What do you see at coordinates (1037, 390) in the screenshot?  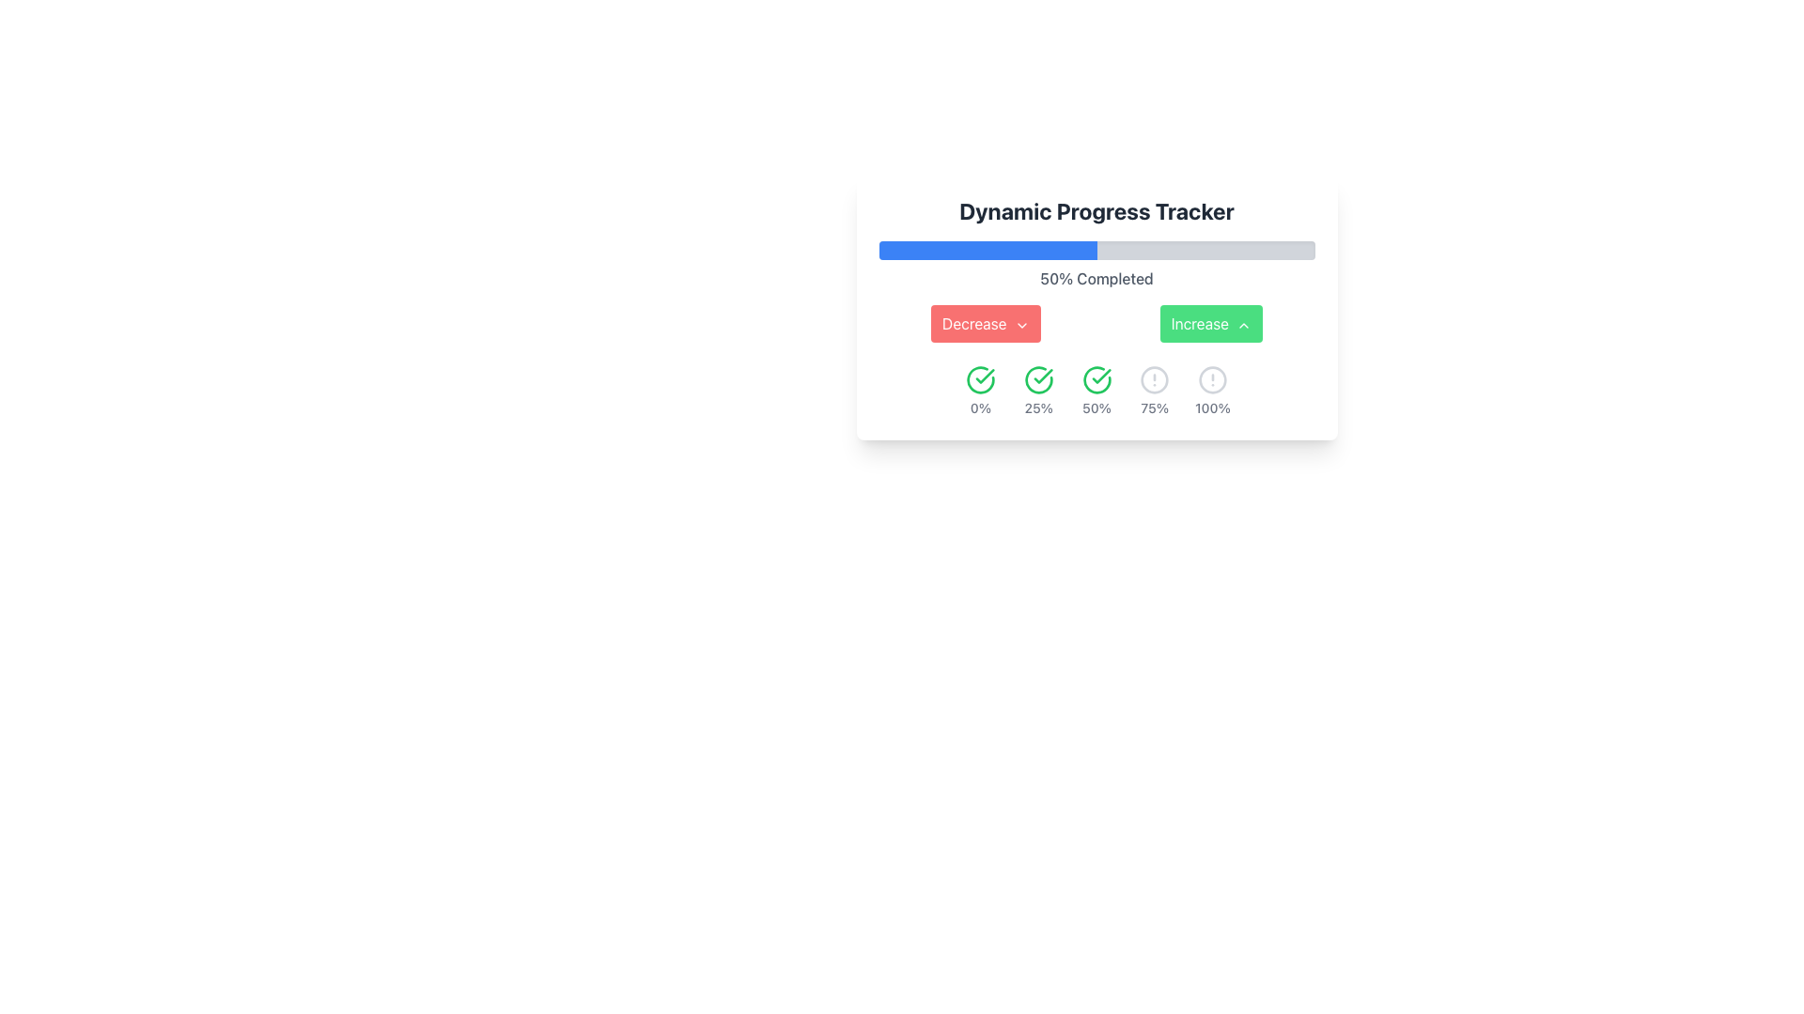 I see `the circular icon with a green checkmark and the text label '25%', which is the second item in a horizontal layout of percentage labels` at bounding box center [1037, 390].